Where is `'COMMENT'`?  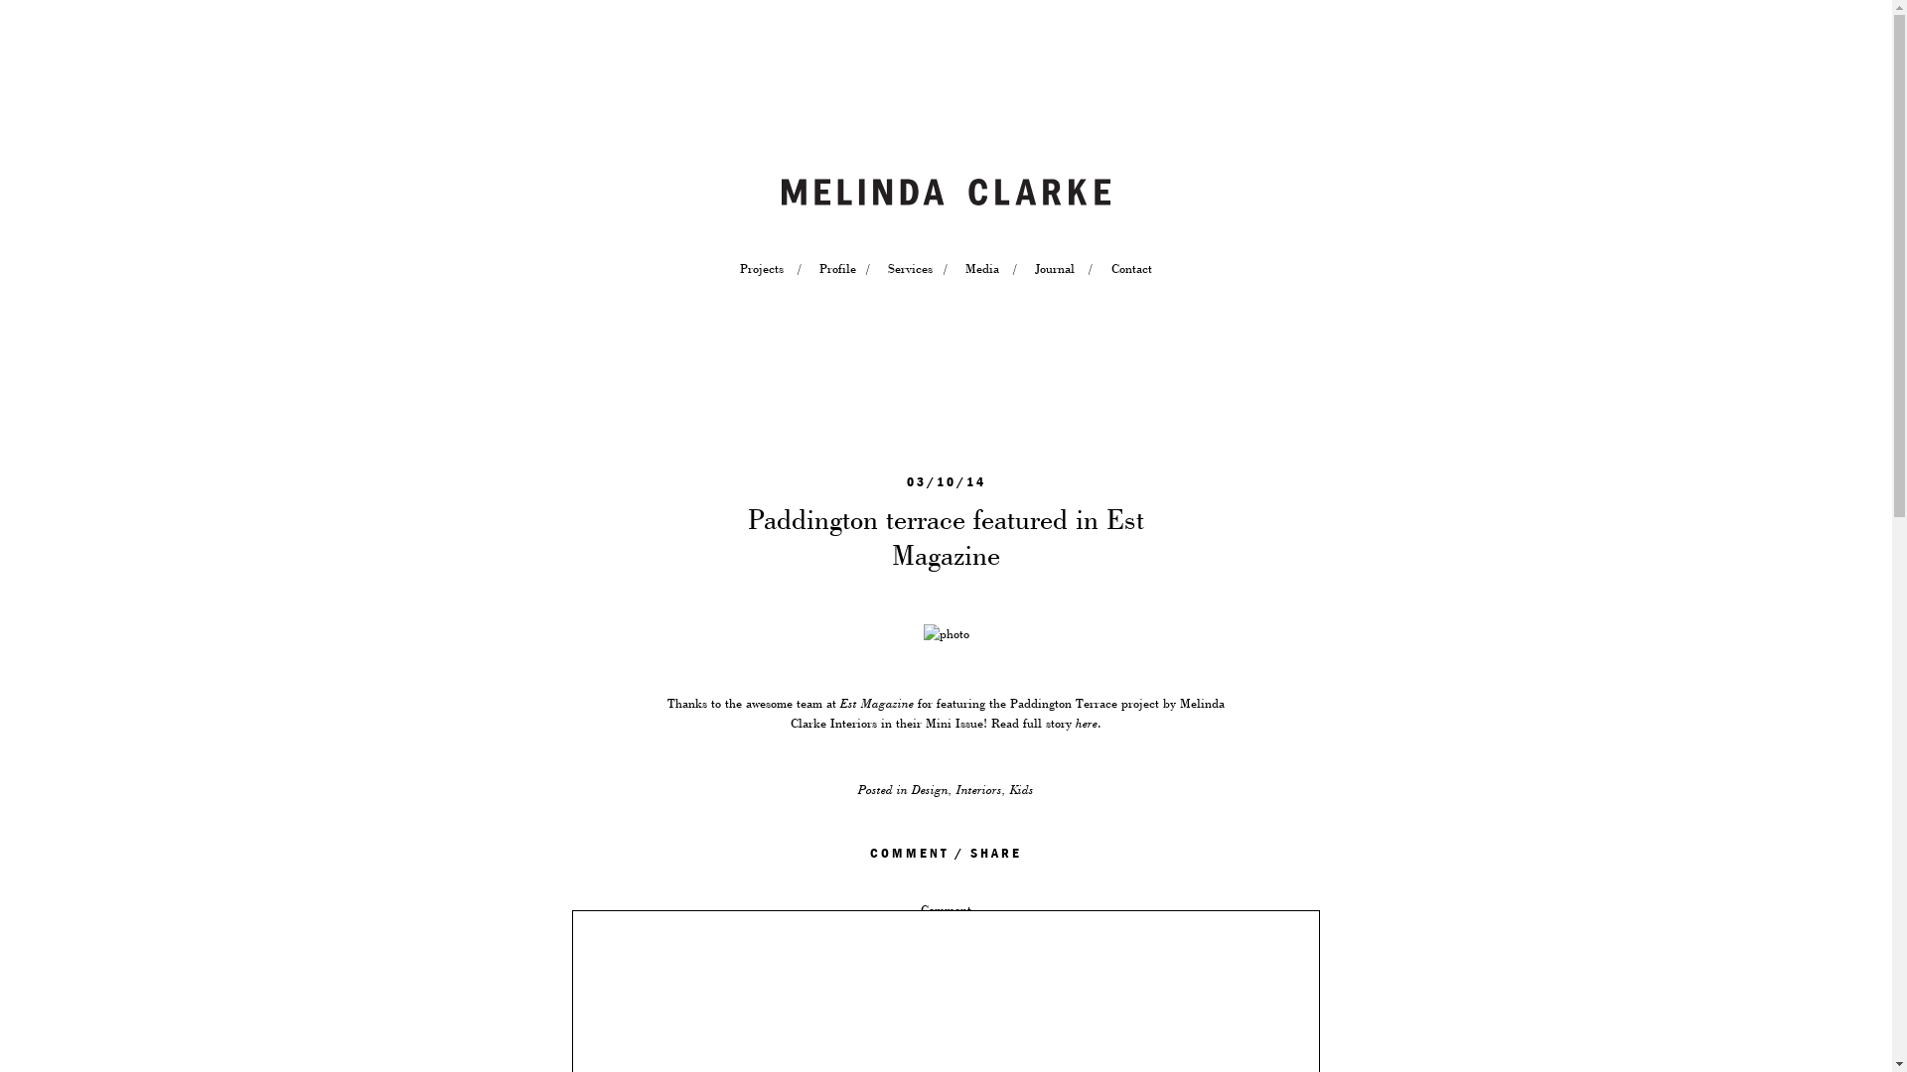
'COMMENT' is located at coordinates (908, 853).